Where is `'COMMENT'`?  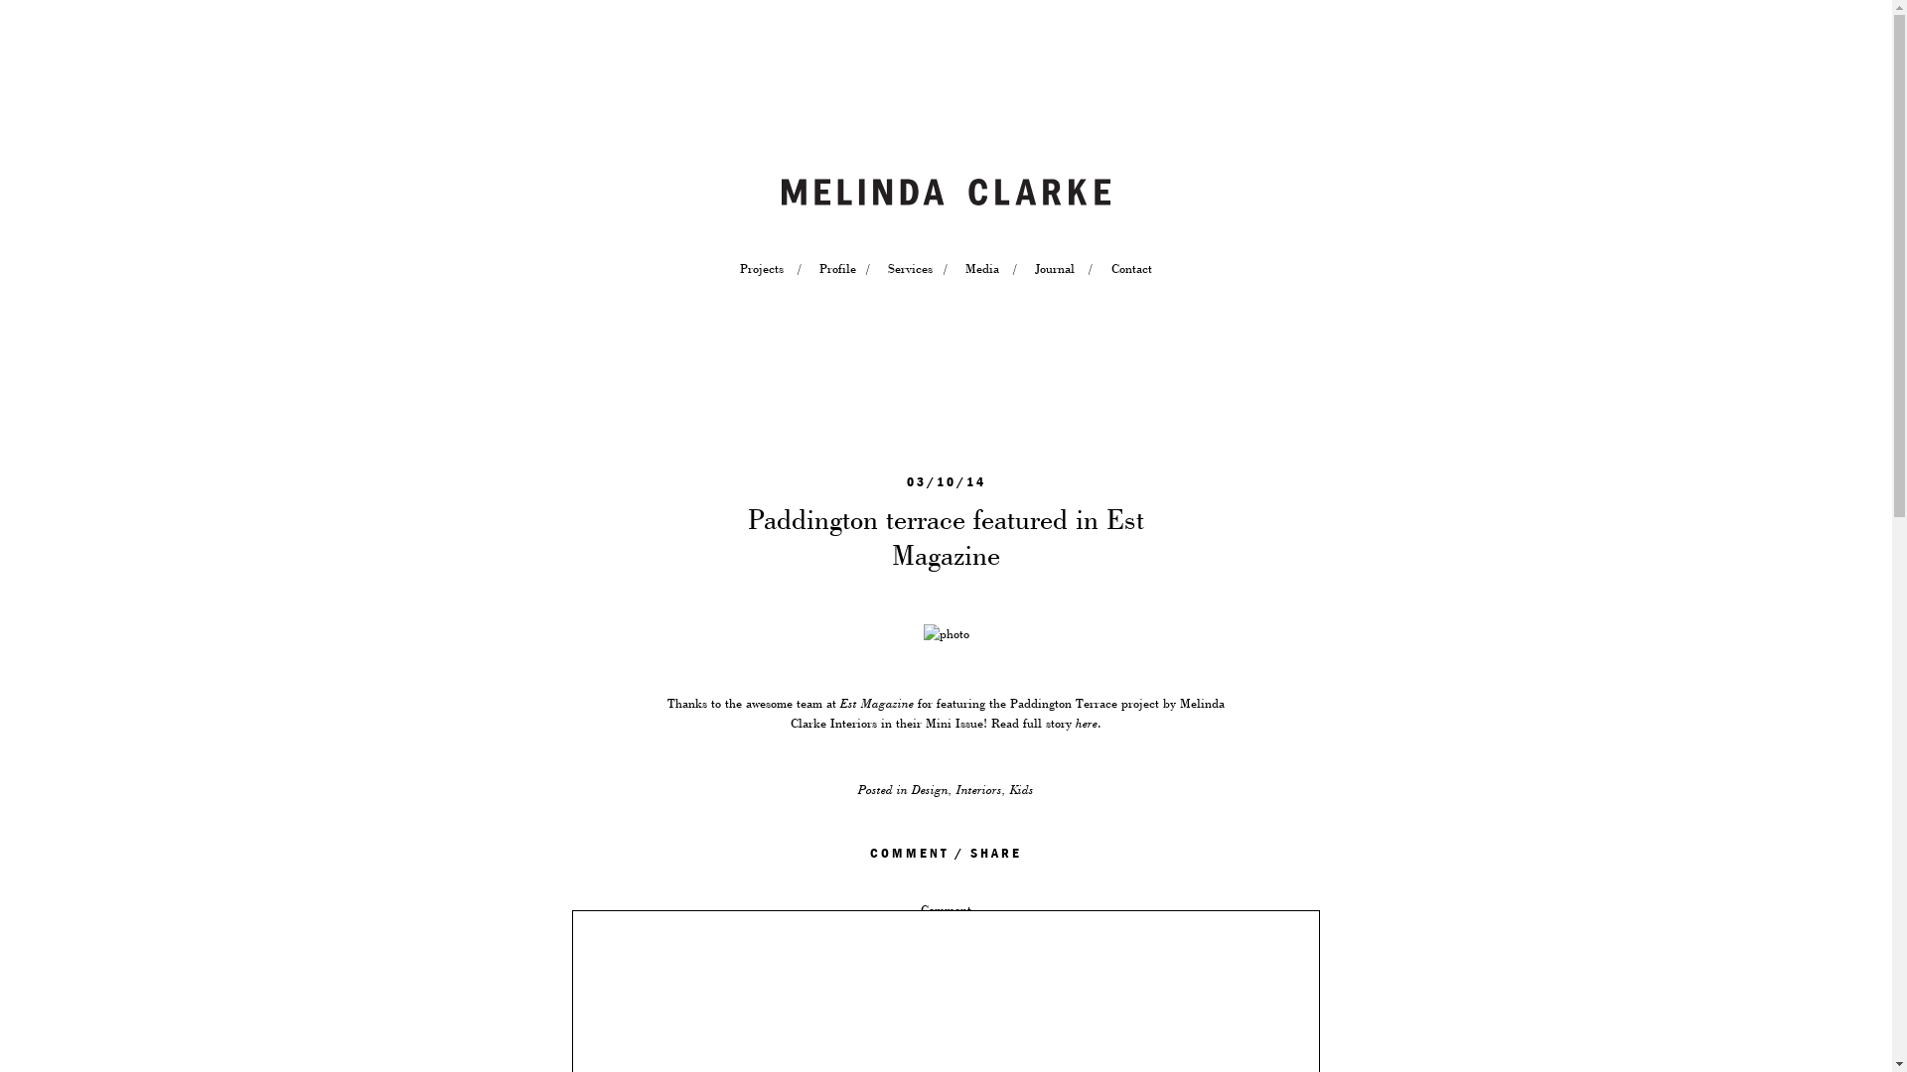
'COMMENT' is located at coordinates (908, 853).